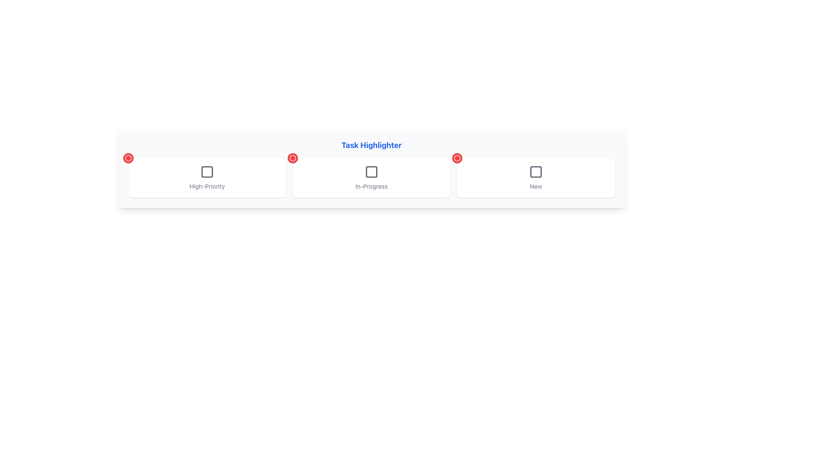  Describe the element at coordinates (207, 178) in the screenshot. I see `the 'High-Priority' static card or category label, which is the leftmost card in a horizontally aligned grid containing 'In-Progress' and 'New'` at that location.